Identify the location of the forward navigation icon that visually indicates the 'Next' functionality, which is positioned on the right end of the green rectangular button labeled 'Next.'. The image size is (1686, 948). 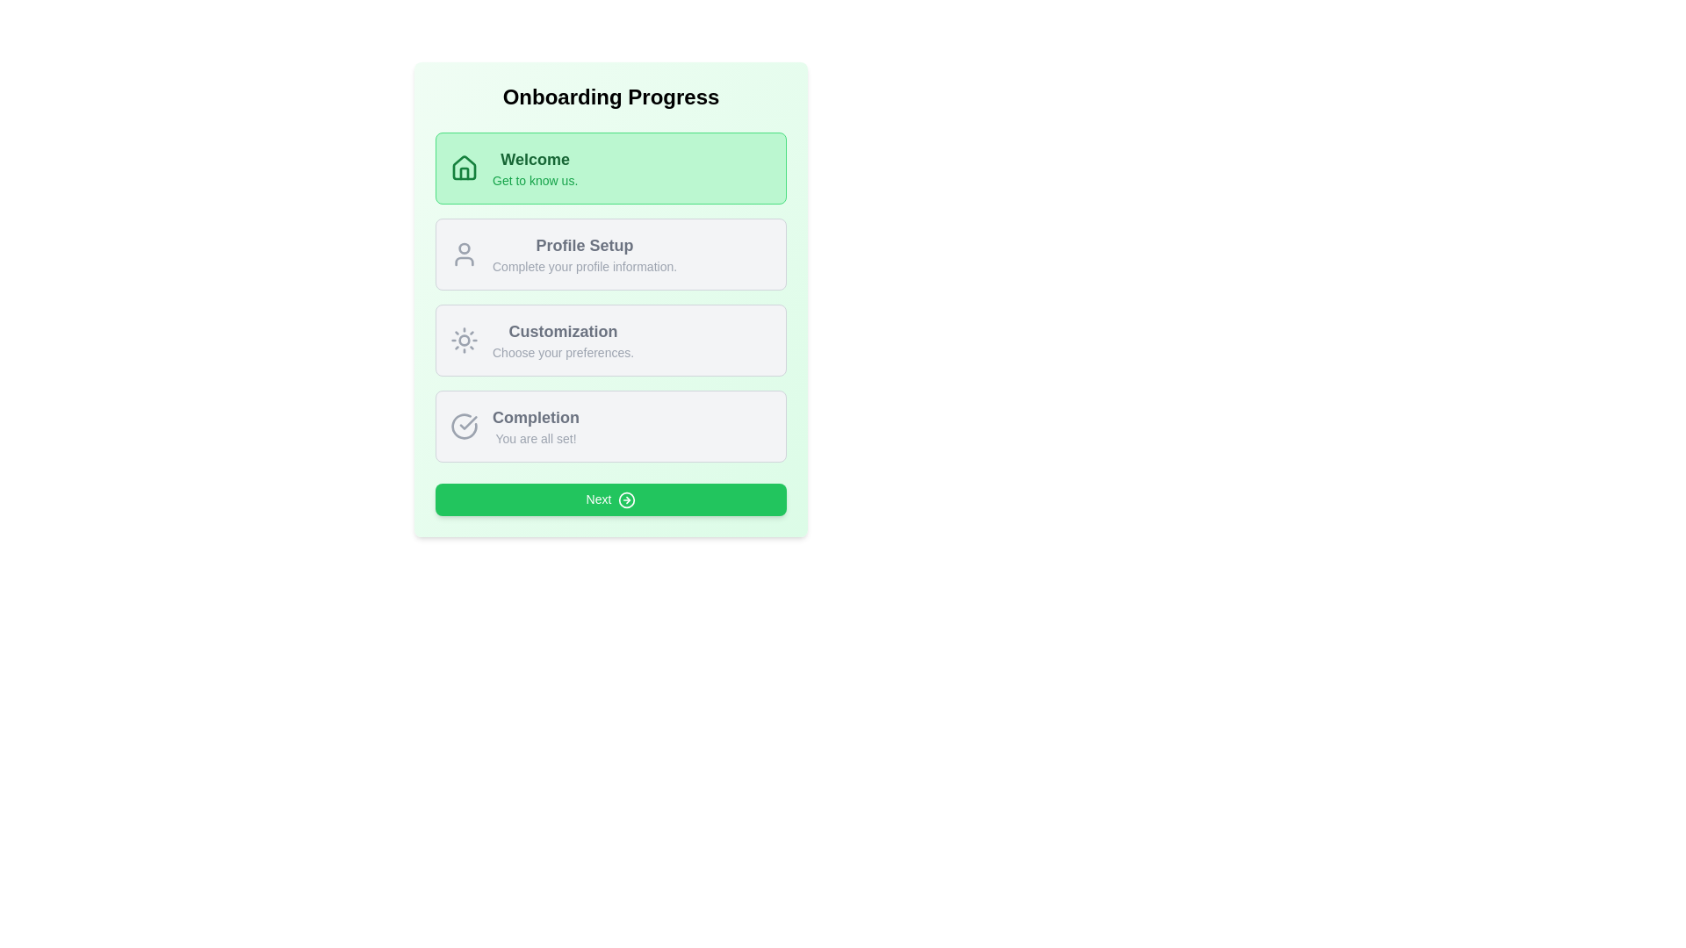
(627, 500).